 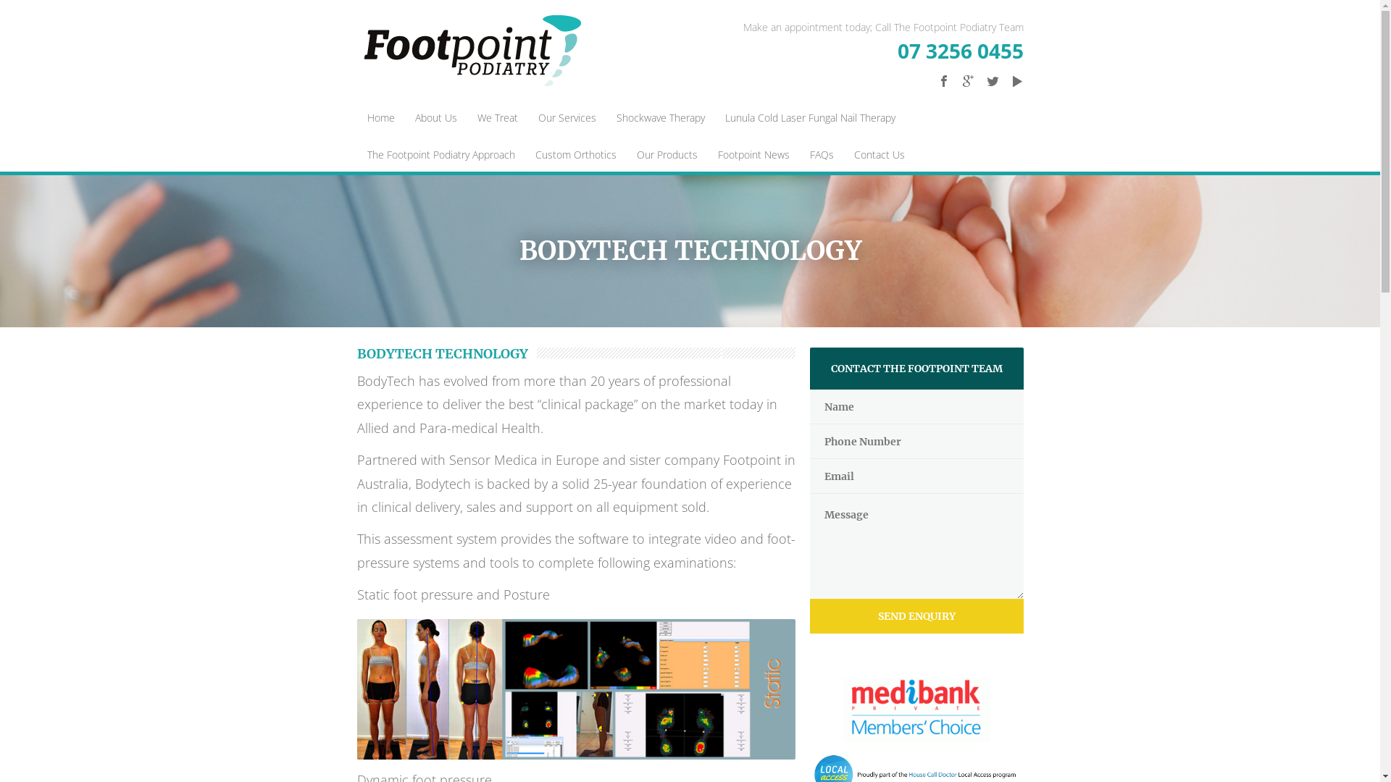 I want to click on 'Our Services', so click(x=566, y=119).